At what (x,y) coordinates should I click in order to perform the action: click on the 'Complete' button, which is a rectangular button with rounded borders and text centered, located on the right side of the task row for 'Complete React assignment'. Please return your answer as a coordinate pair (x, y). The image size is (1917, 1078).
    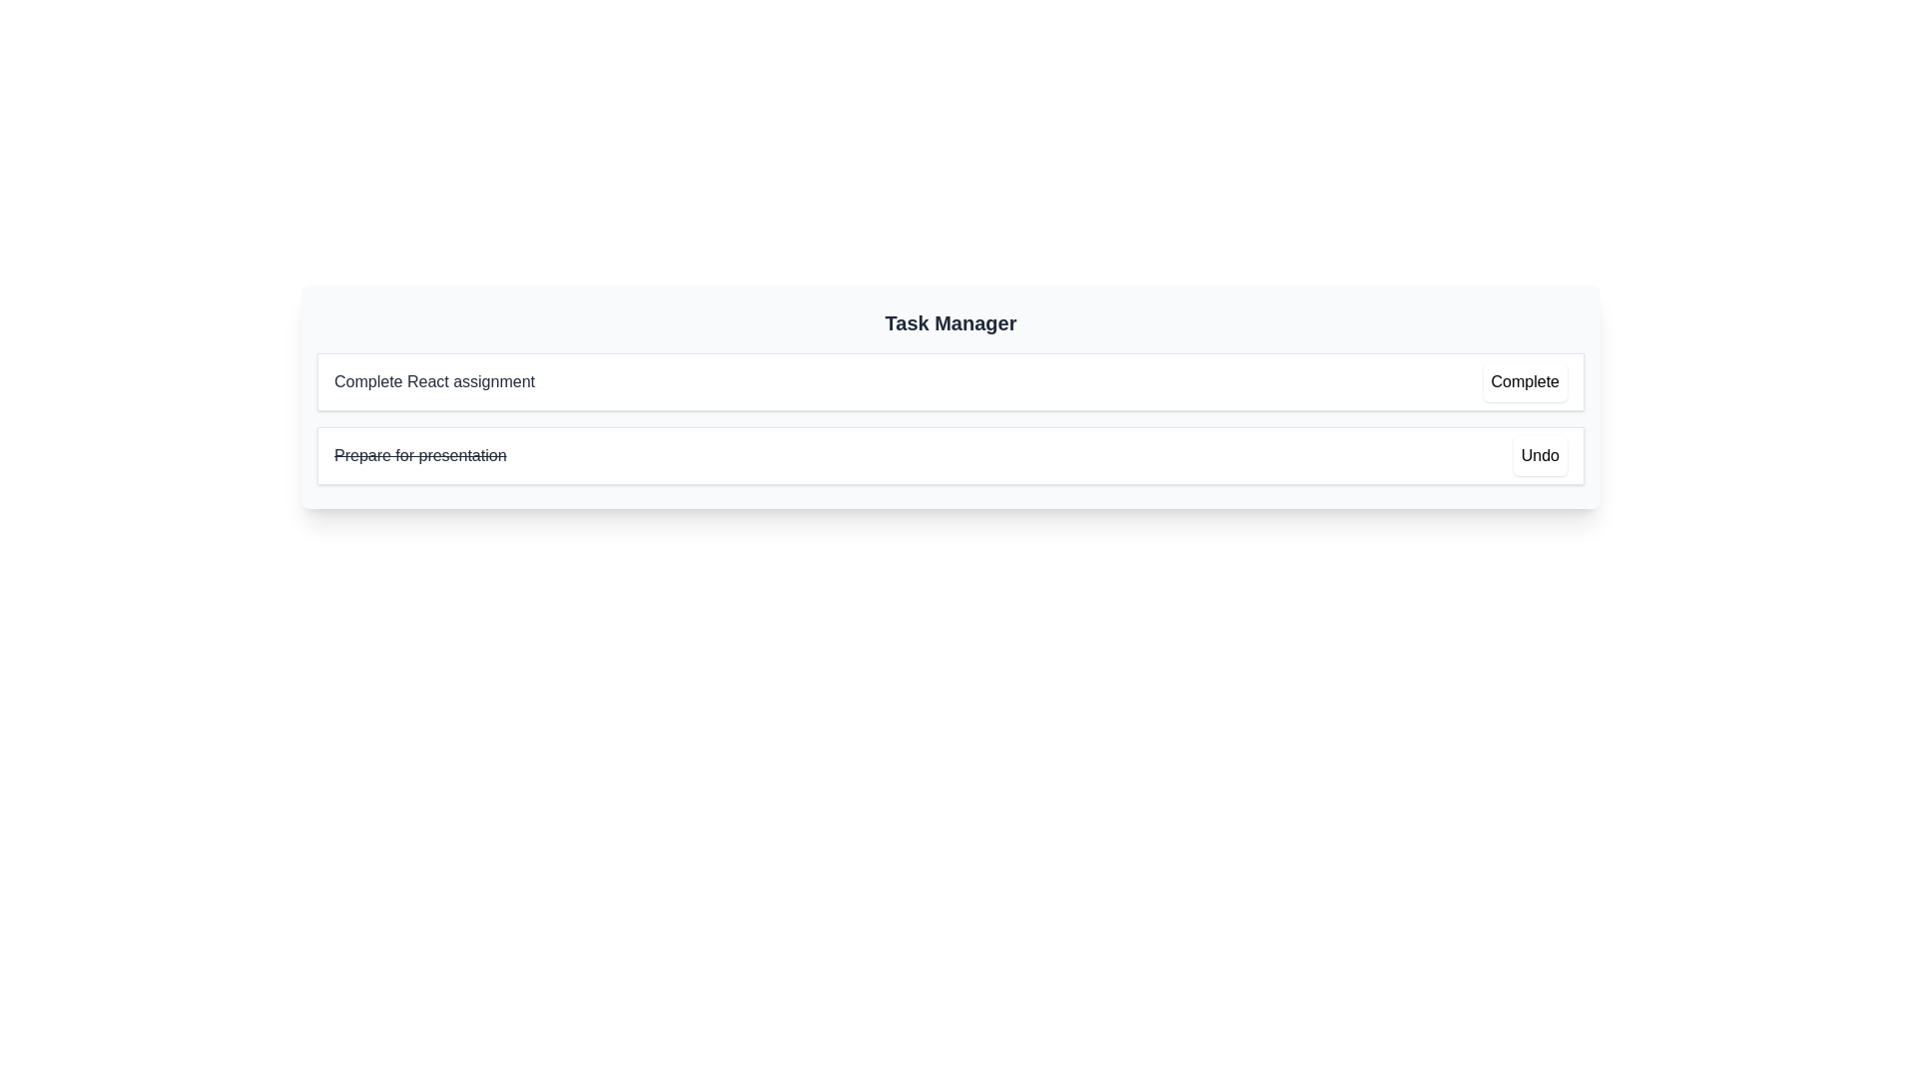
    Looking at the image, I should click on (1524, 381).